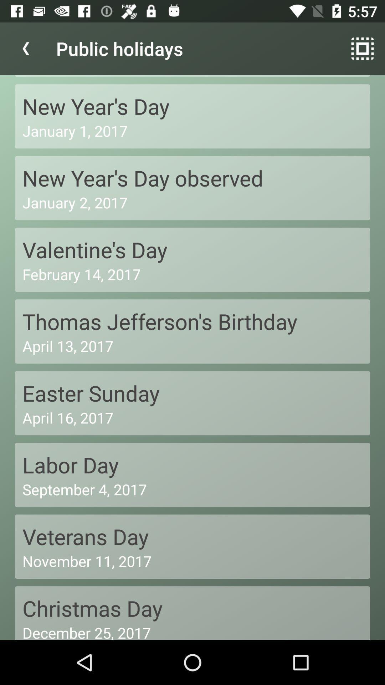 Image resolution: width=385 pixels, height=685 pixels. Describe the element at coordinates (192, 489) in the screenshot. I see `the item above veterans day item` at that location.